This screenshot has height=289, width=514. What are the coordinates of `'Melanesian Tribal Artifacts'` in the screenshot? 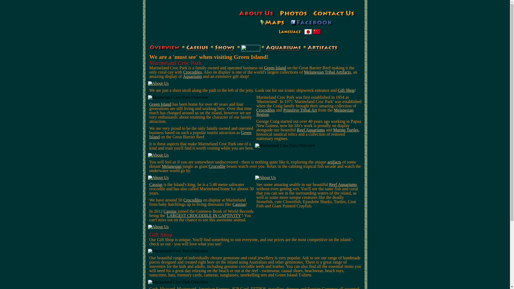 It's located at (327, 72).